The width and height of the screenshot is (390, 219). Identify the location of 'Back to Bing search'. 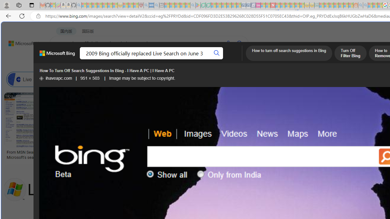
(22, 42).